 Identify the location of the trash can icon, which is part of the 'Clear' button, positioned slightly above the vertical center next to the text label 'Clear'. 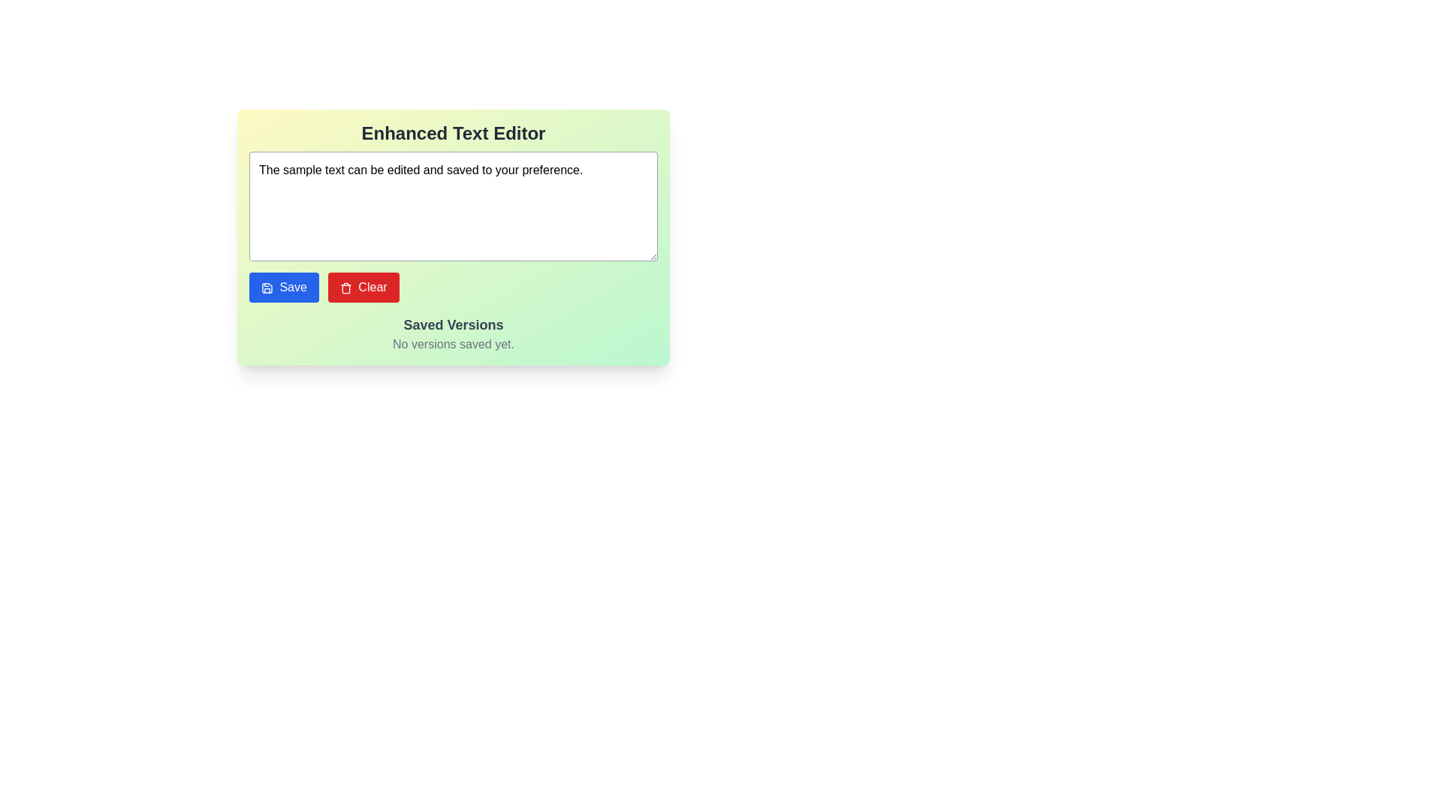
(345, 288).